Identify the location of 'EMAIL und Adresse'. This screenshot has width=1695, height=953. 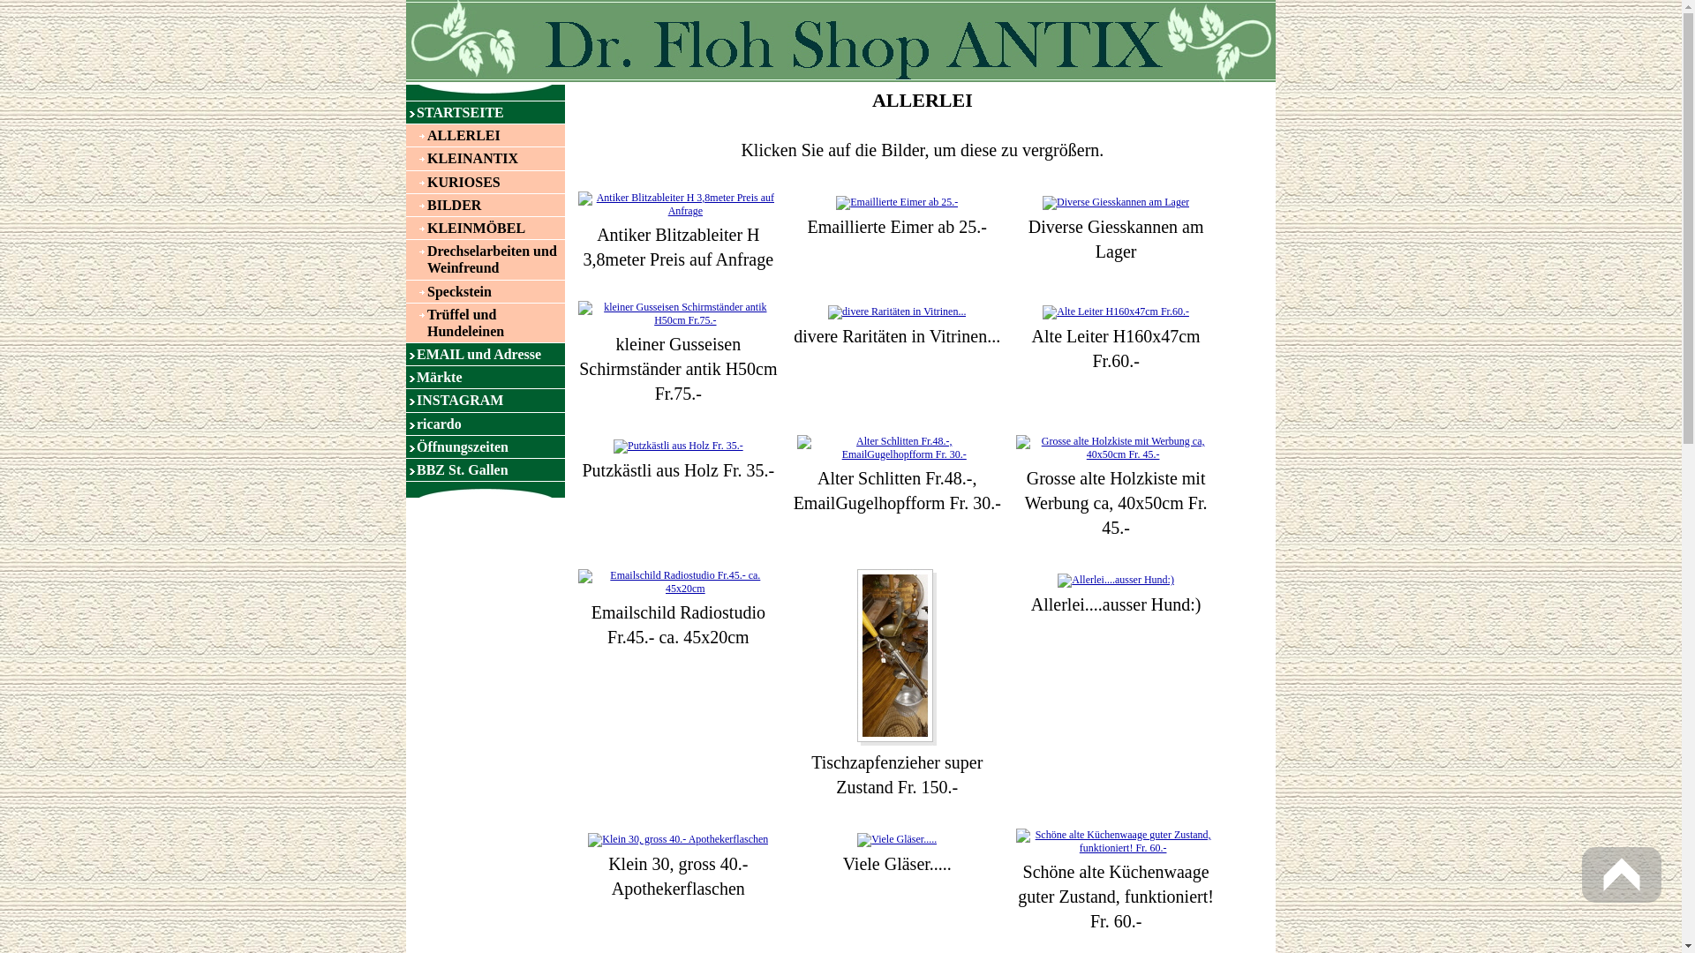
(486, 354).